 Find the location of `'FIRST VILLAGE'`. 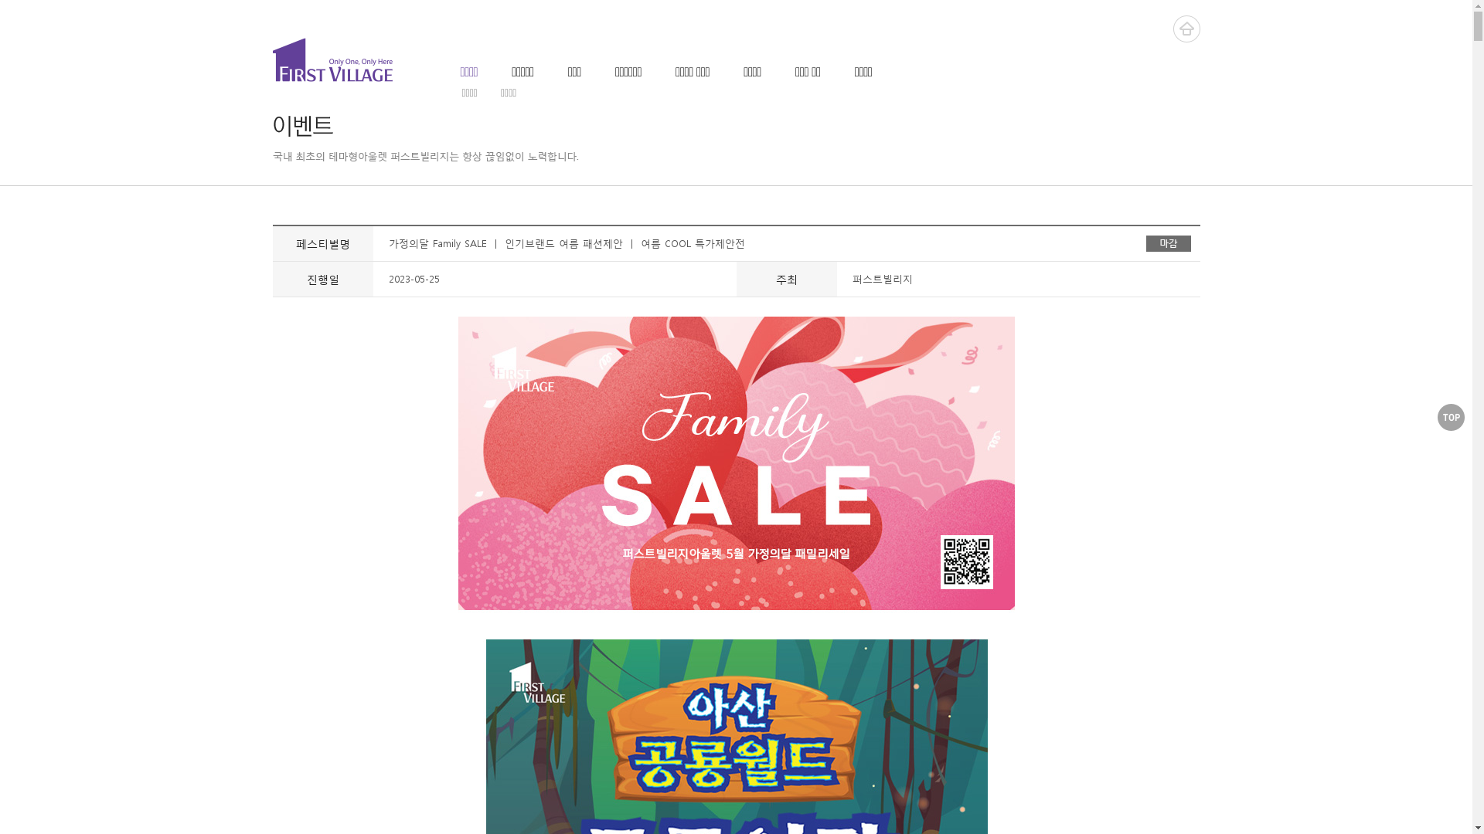

'FIRST VILLAGE' is located at coordinates (331, 59).